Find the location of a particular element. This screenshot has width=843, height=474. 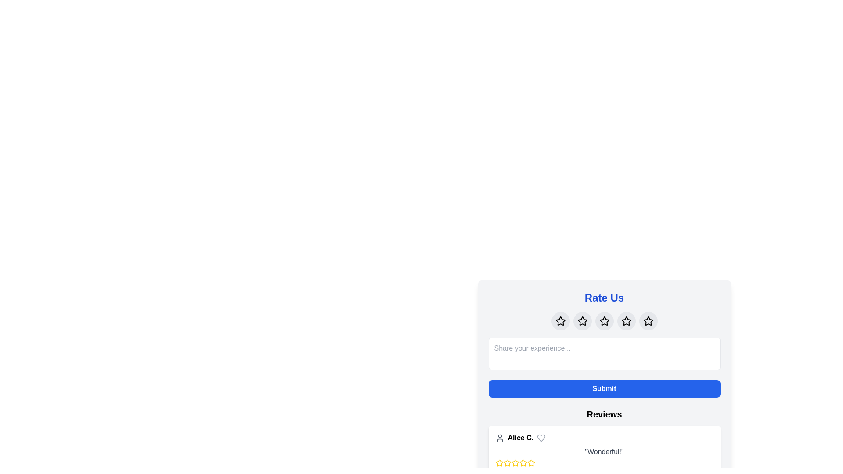

the fifth star icon with a yellow border in the rating display below the review 'Wonderful!' by user 'Alice C.' is located at coordinates (530, 463).